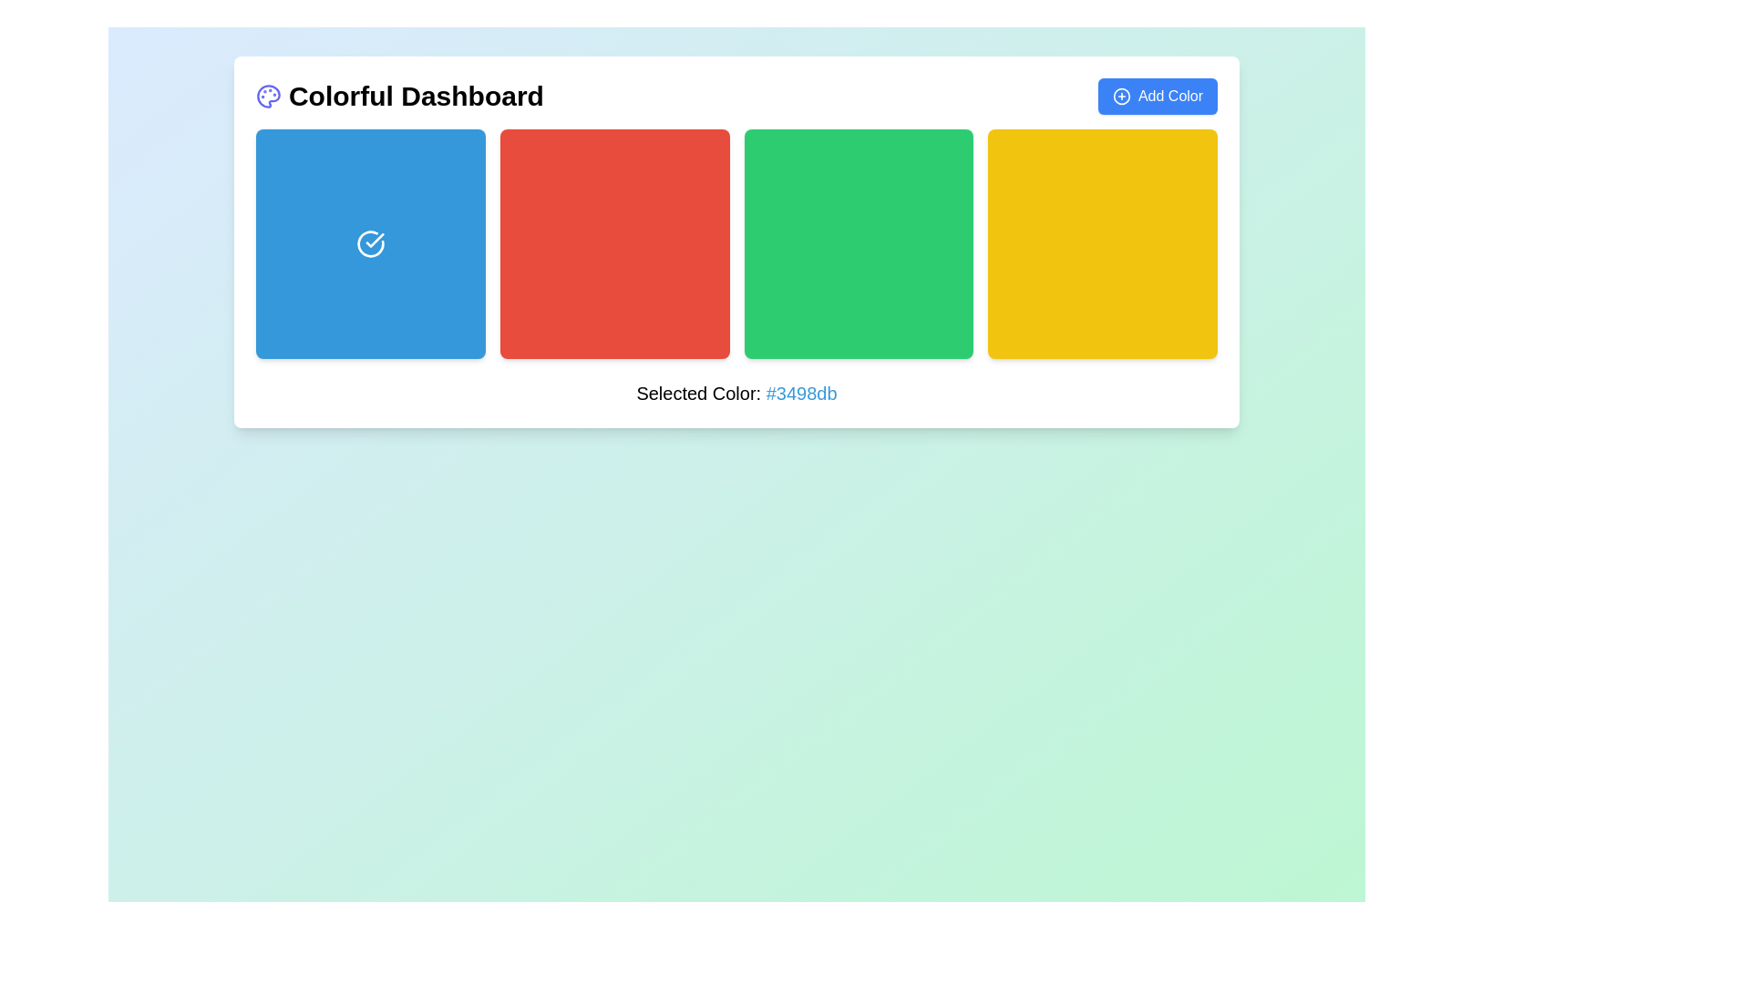 The image size is (1750, 984). Describe the element at coordinates (801, 392) in the screenshot. I see `color code displayed as '#3498db' in the stylized text component located under 'Selected Color:'` at that location.